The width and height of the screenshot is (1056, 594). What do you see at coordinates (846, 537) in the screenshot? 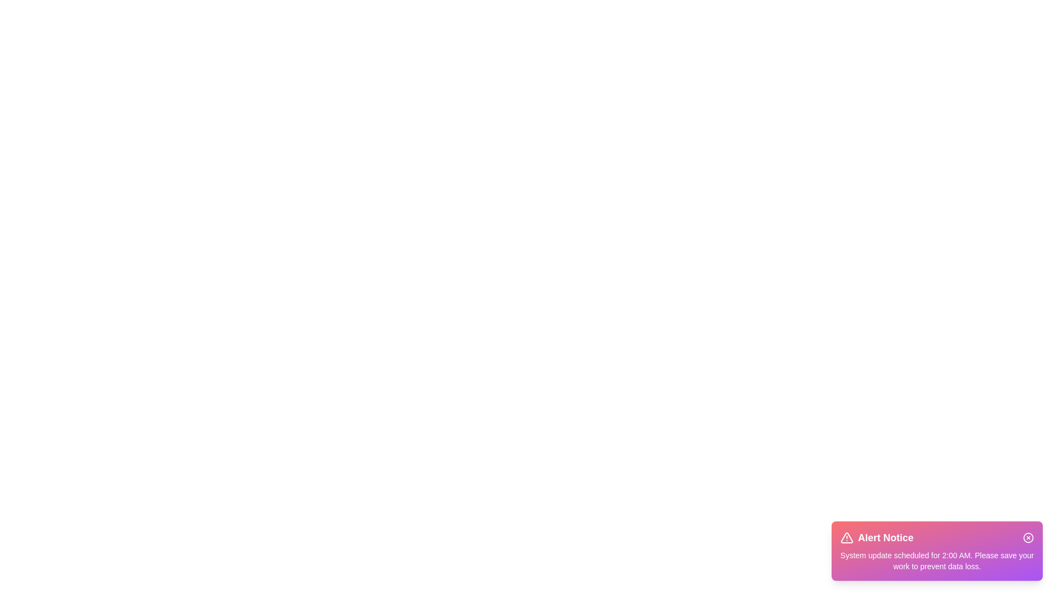
I see `the alert icon to view additional context` at bounding box center [846, 537].